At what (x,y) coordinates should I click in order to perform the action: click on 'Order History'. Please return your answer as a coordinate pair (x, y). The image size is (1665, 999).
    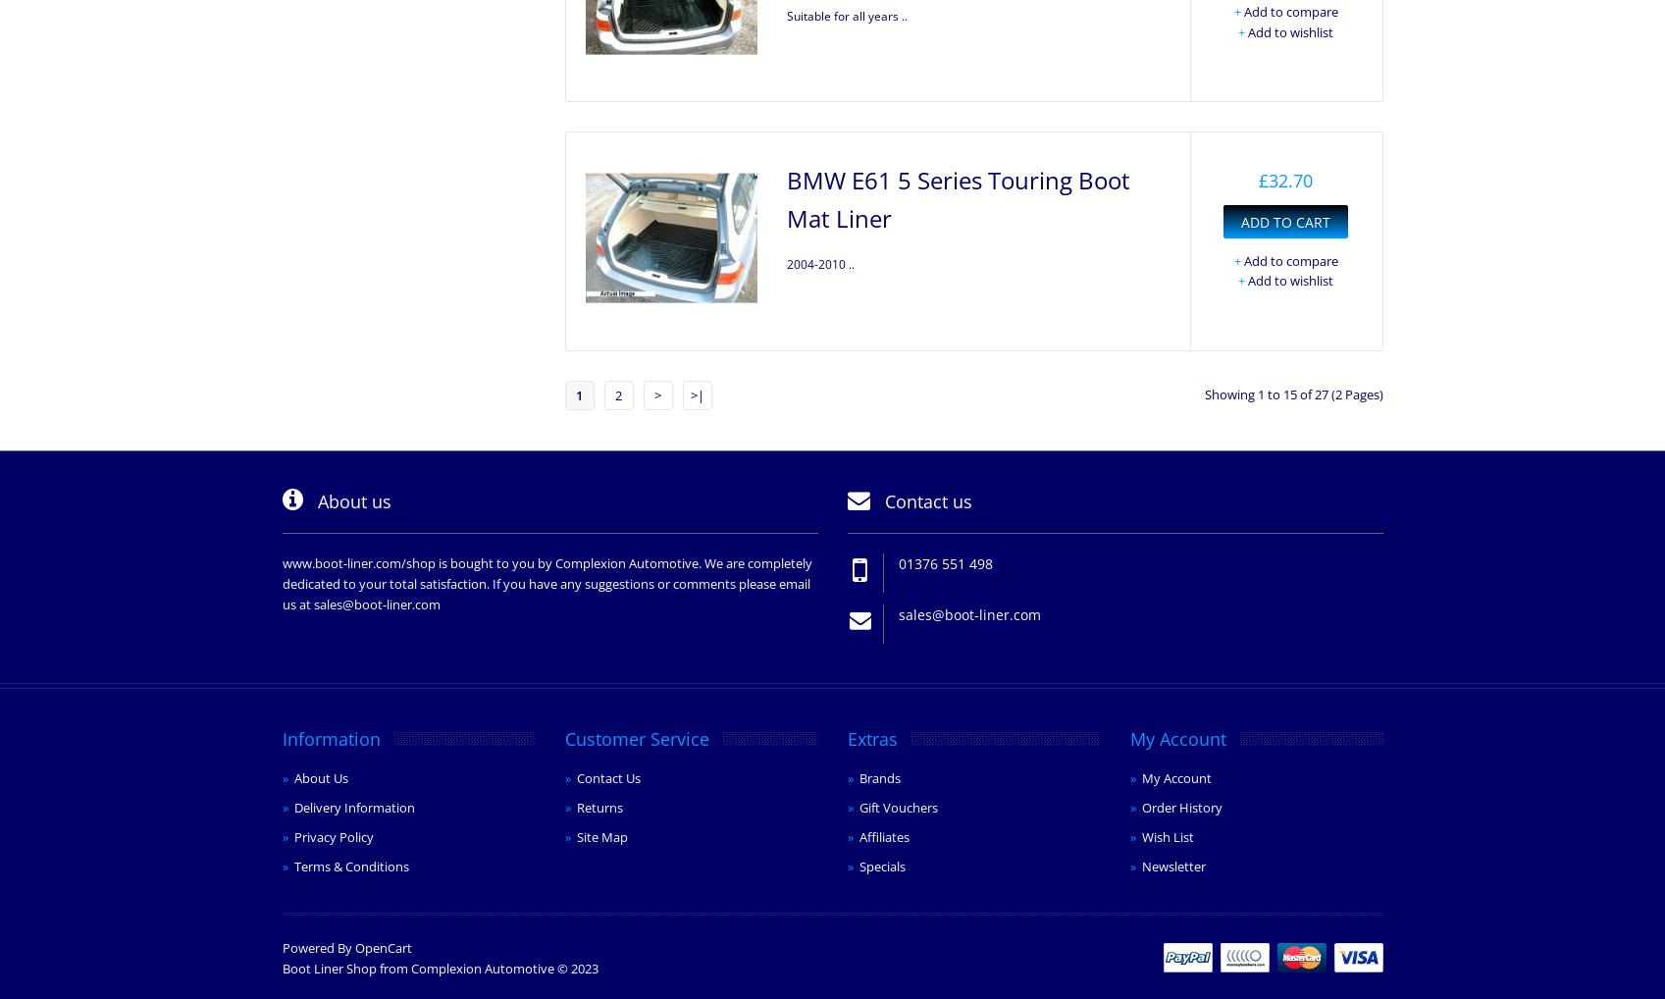
    Looking at the image, I should click on (1139, 806).